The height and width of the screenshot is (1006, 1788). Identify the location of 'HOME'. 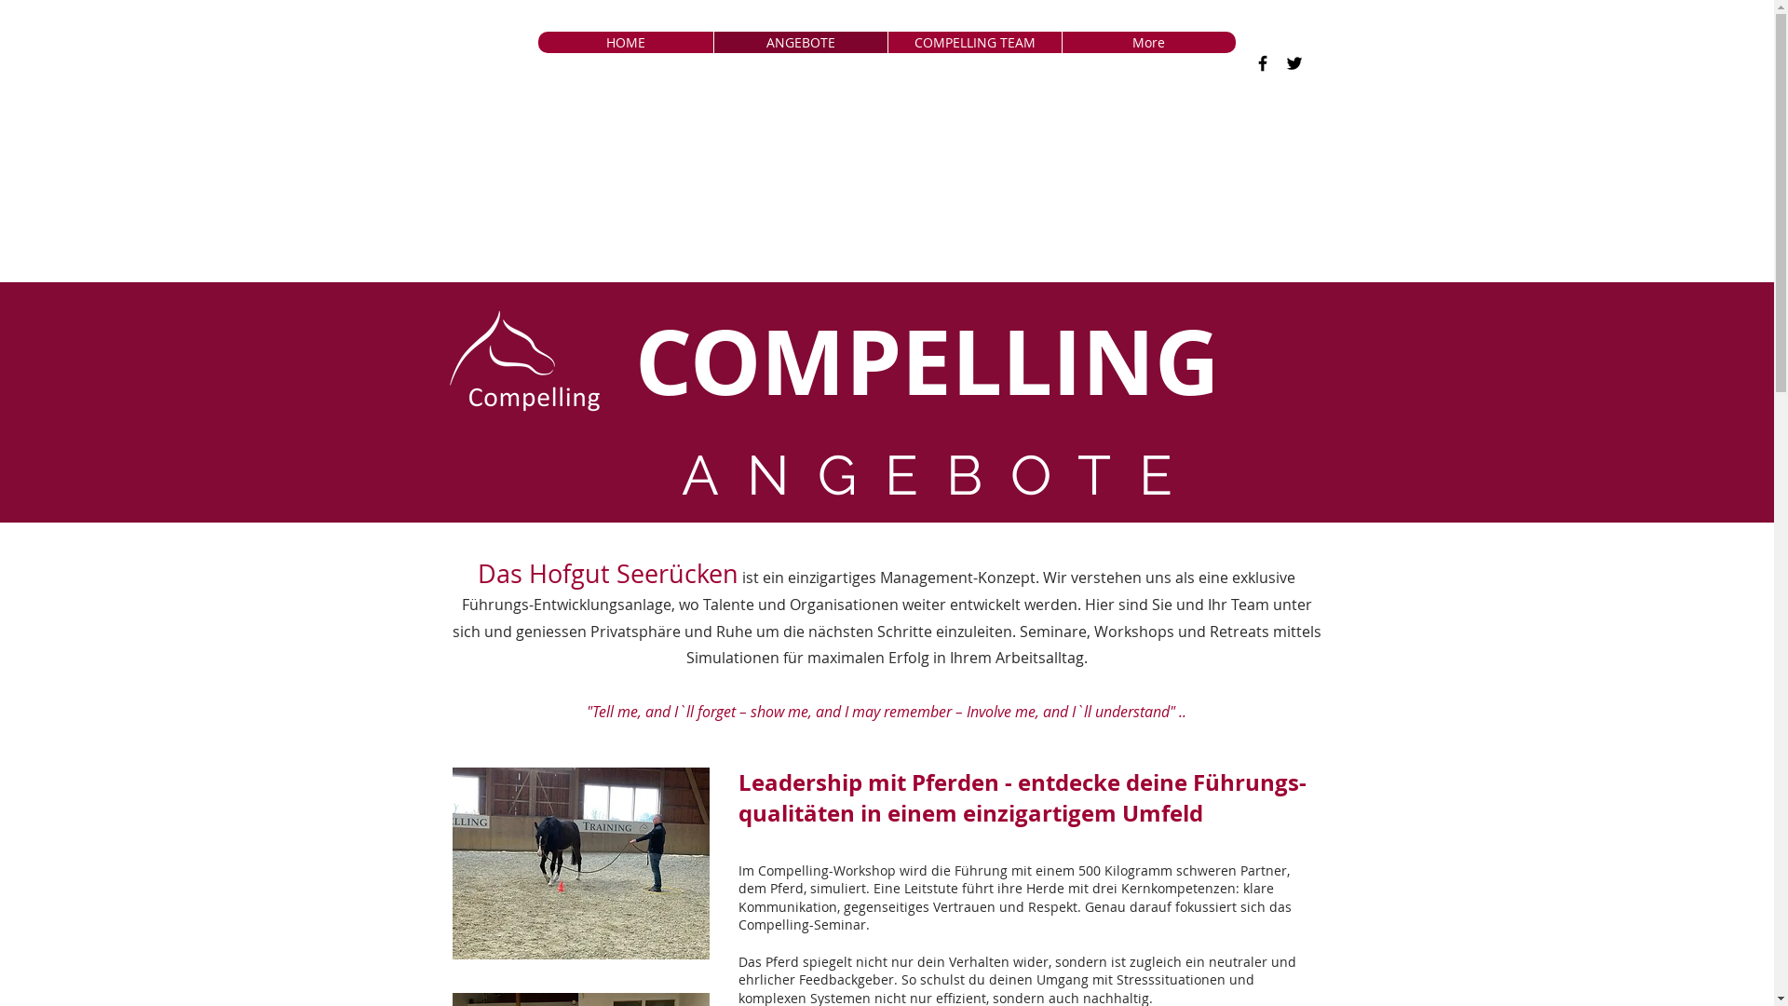
(626, 42).